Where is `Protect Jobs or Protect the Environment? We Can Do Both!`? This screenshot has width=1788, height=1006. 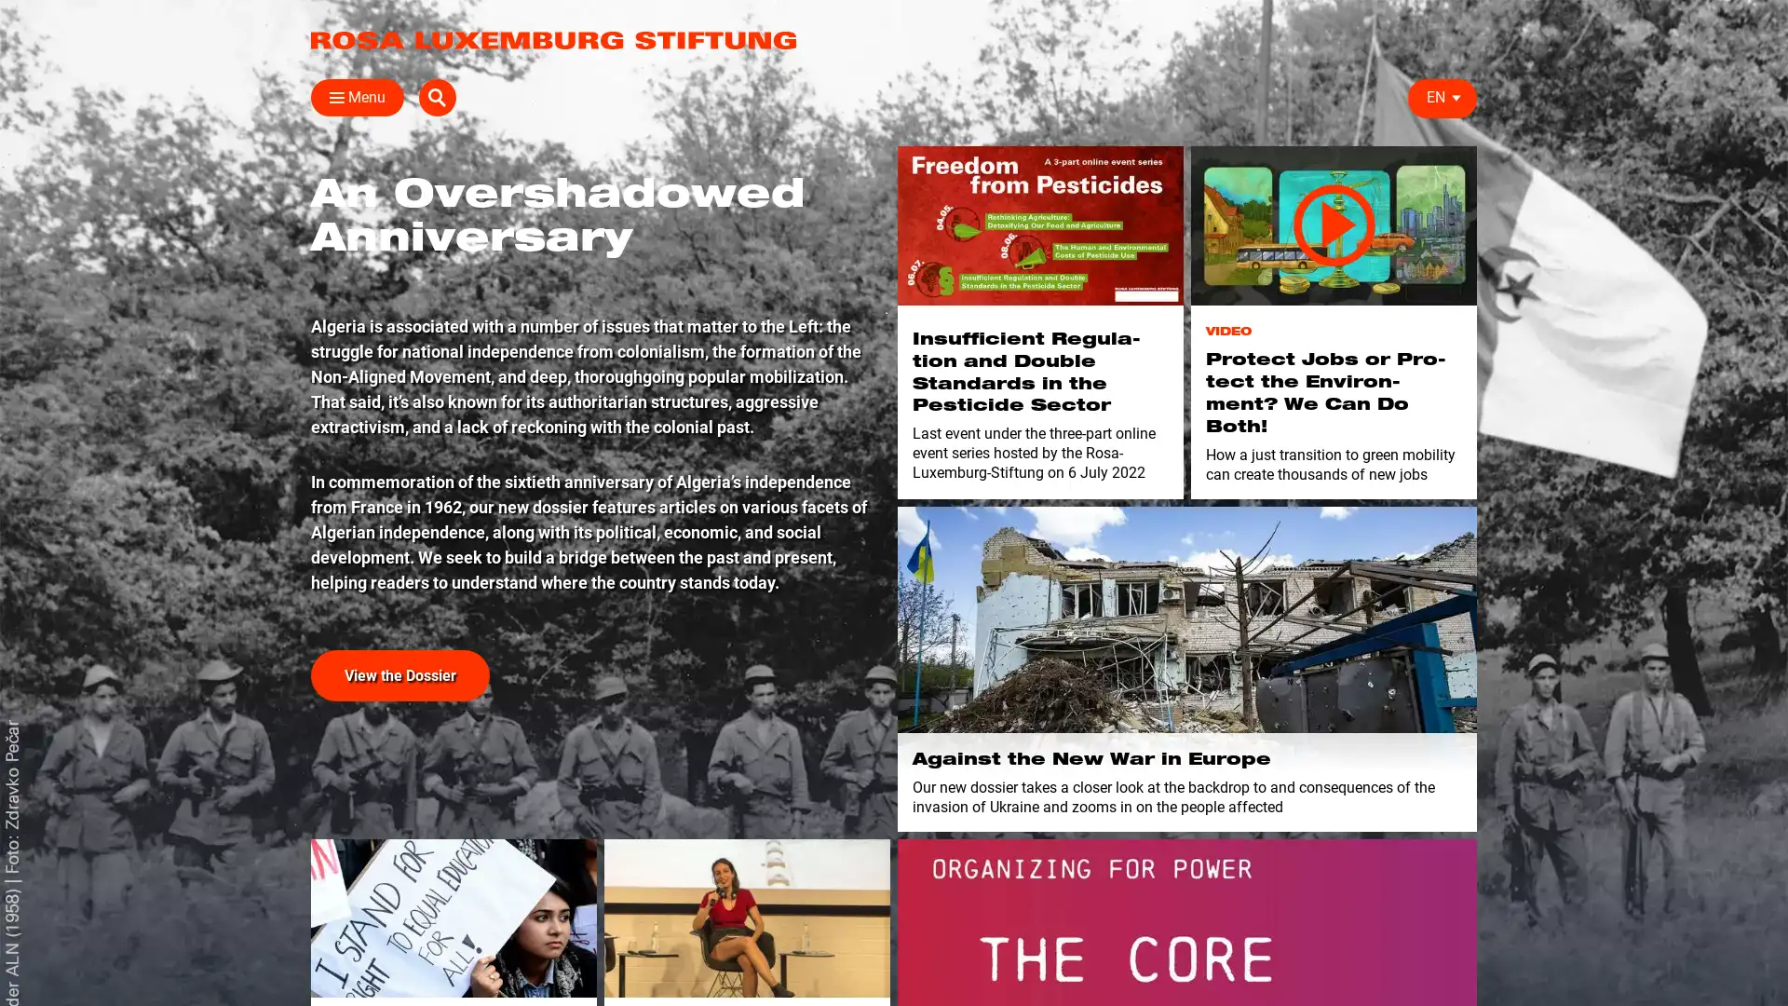 Protect Jobs or Protect the Environment? We Can Do Both! is located at coordinates (1333, 224).